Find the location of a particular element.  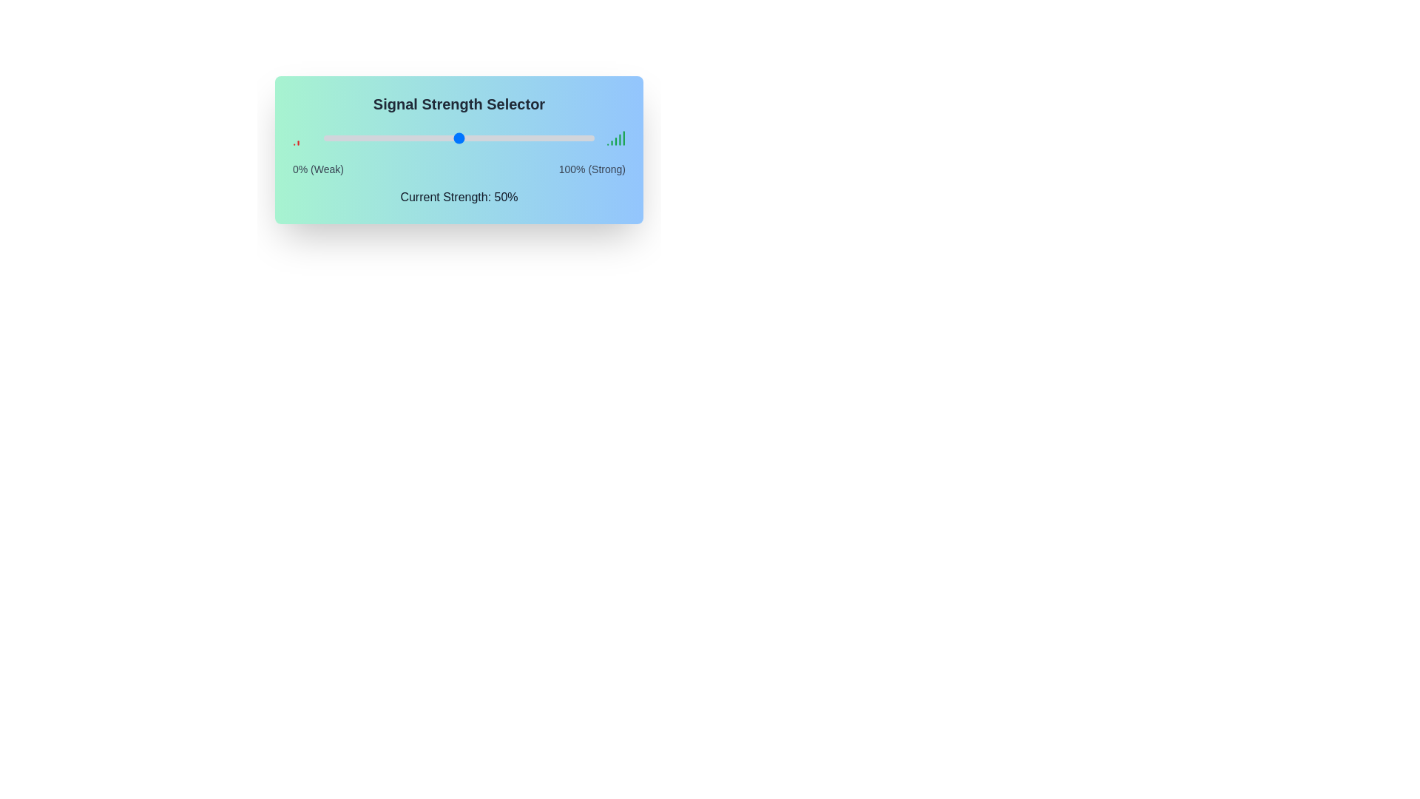

the signal strength slider to 24% to observe the visual signal strength indicators is located at coordinates (388, 138).